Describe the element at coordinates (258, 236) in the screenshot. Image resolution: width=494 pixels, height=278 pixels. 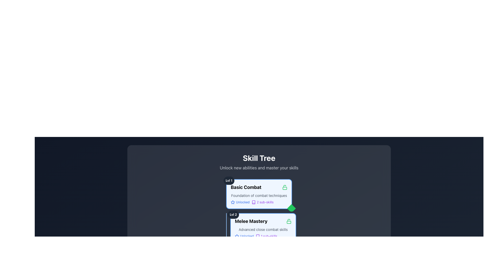
I see `the book icon within the SVG that is located in the bottom-right corner of the 'Melee Mastery' skill card` at that location.